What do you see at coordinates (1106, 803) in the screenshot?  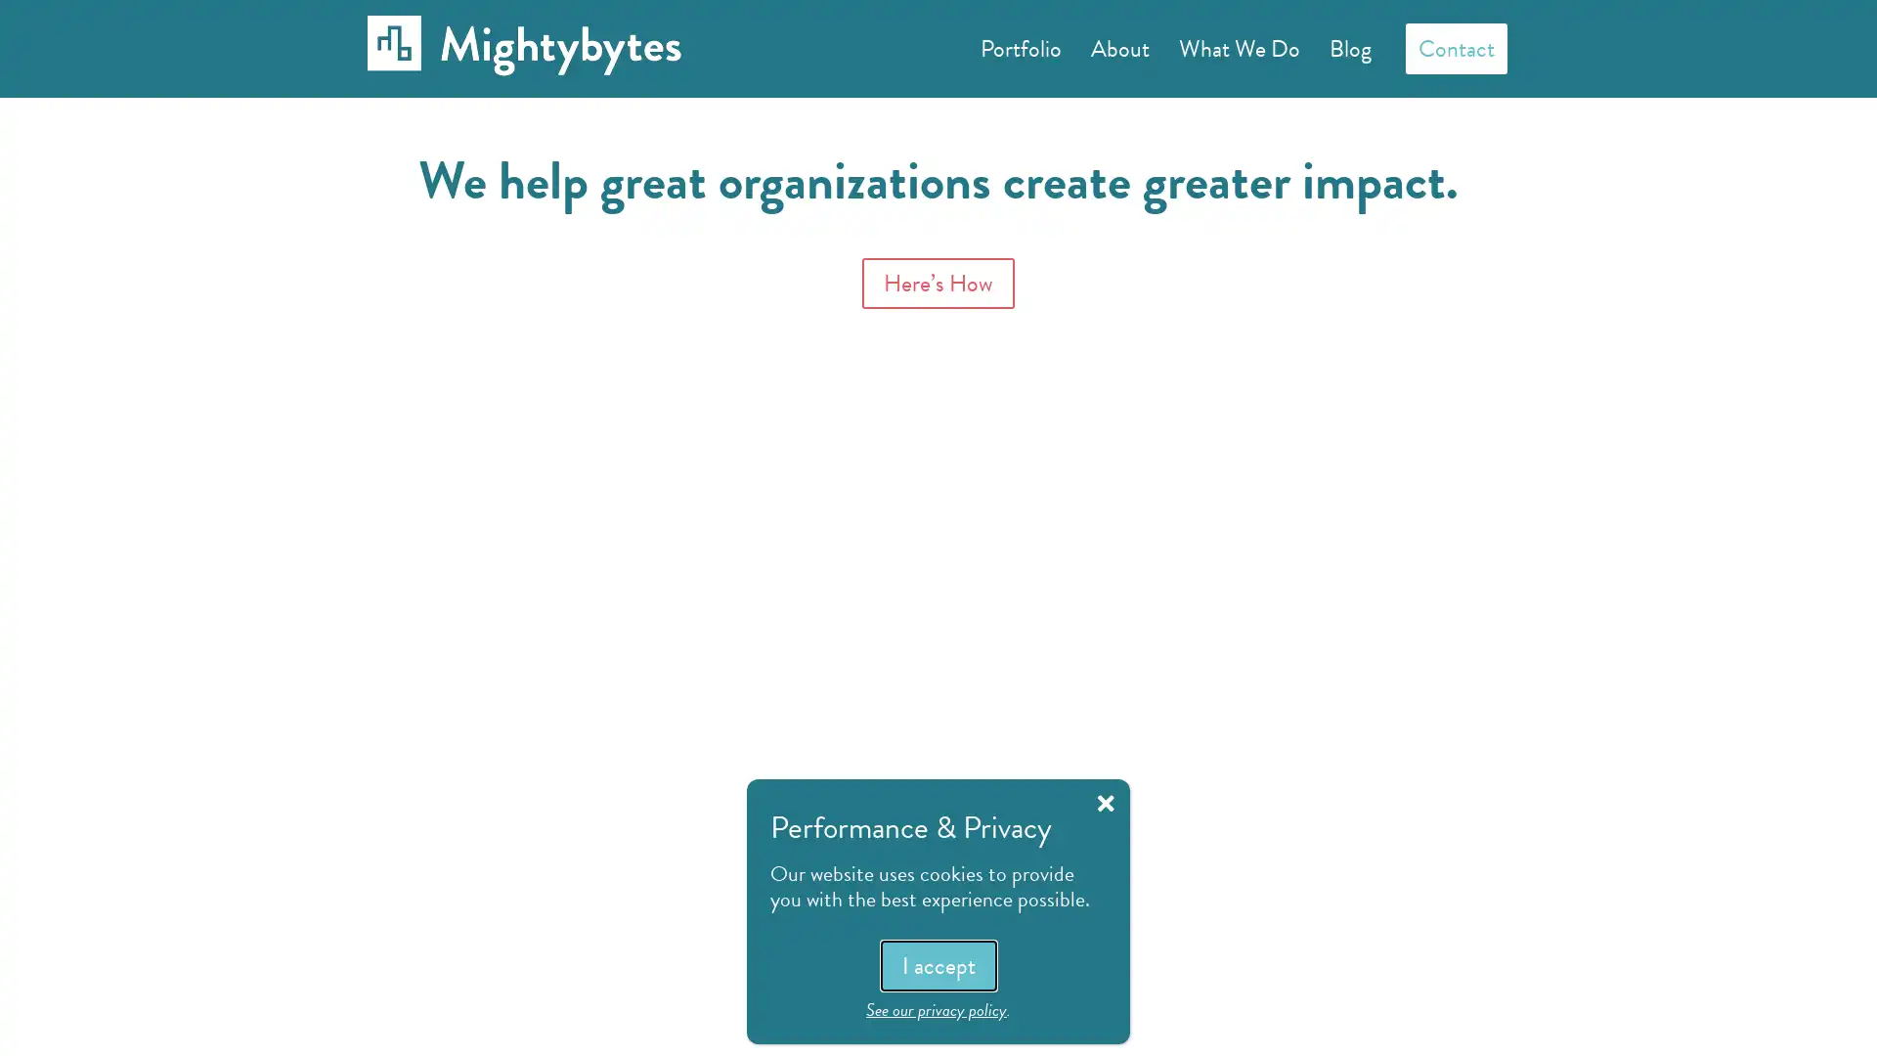 I see `Close` at bounding box center [1106, 803].